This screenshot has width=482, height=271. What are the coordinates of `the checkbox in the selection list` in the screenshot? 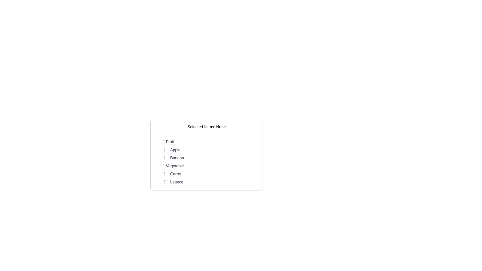 It's located at (206, 162).